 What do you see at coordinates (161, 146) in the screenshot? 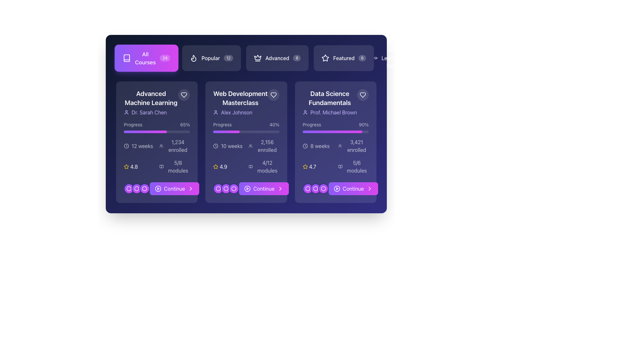
I see `the Icon (SVG) representing the enrollment count for the 'Advanced Machine Learning' course, which is positioned to the left of the text '1,234 enrolled'` at bounding box center [161, 146].